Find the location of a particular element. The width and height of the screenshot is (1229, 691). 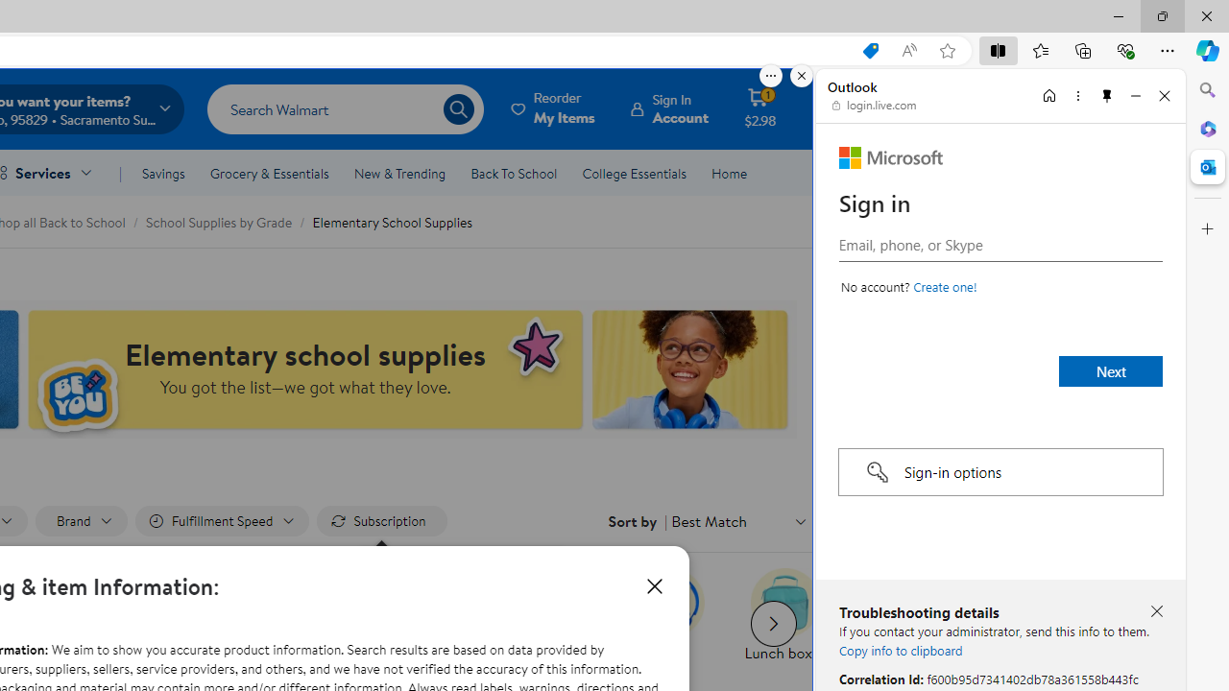

'More options.' is located at coordinates (771, 75).